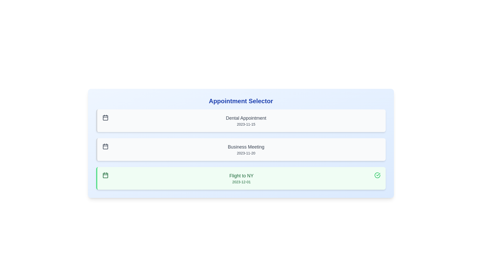 This screenshot has height=278, width=494. Describe the element at coordinates (241, 178) in the screenshot. I see `the appointment with description 'Flight to NY'` at that location.